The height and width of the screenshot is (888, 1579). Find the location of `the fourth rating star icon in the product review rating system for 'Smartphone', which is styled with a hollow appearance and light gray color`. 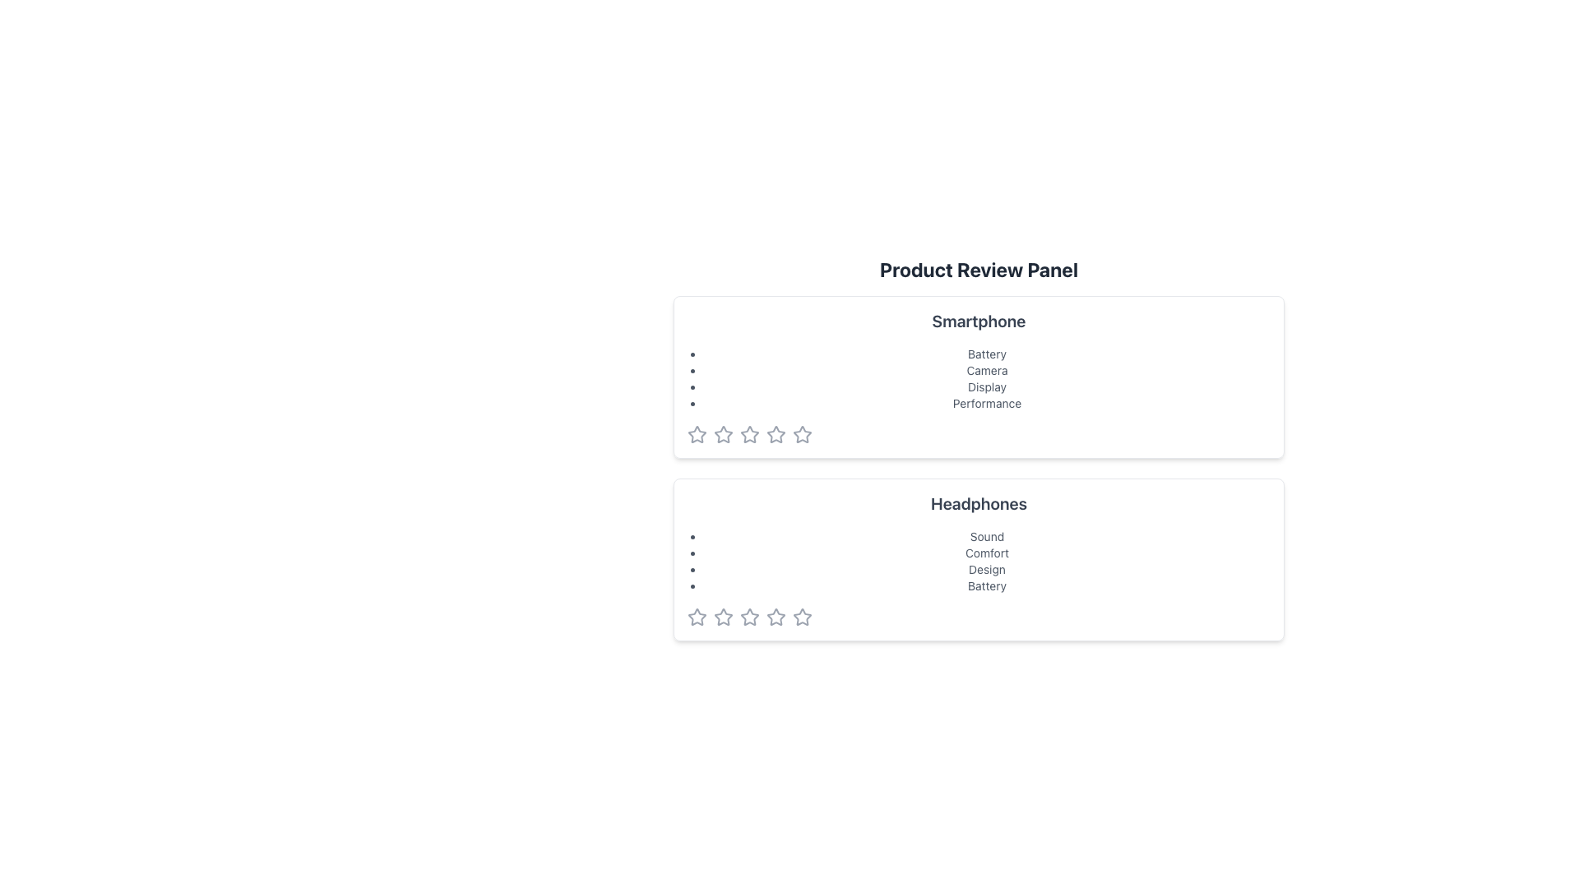

the fourth rating star icon in the product review rating system for 'Smartphone', which is styled with a hollow appearance and light gray color is located at coordinates (749, 433).